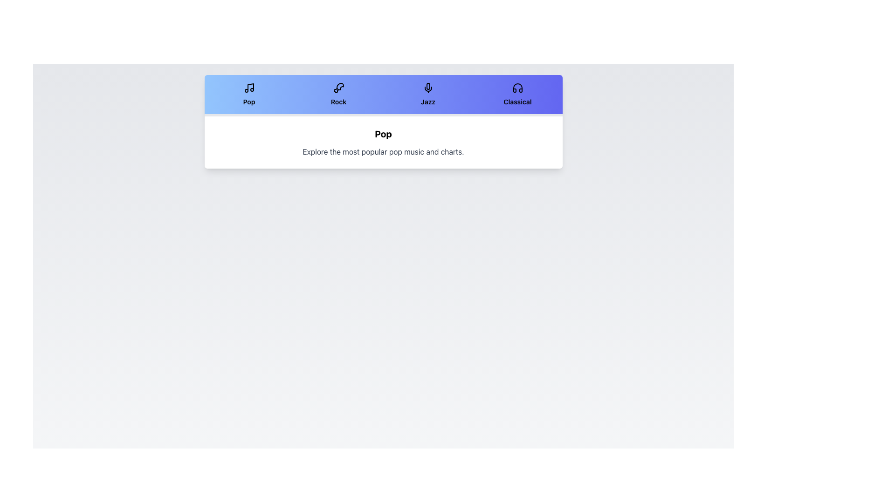 The image size is (895, 503). Describe the element at coordinates (249, 88) in the screenshot. I see `the musical note SVG icon located in the top-left section of the navigation menu, above the label 'Pop'. This icon is the first among a sequence of music genre icons` at that location.